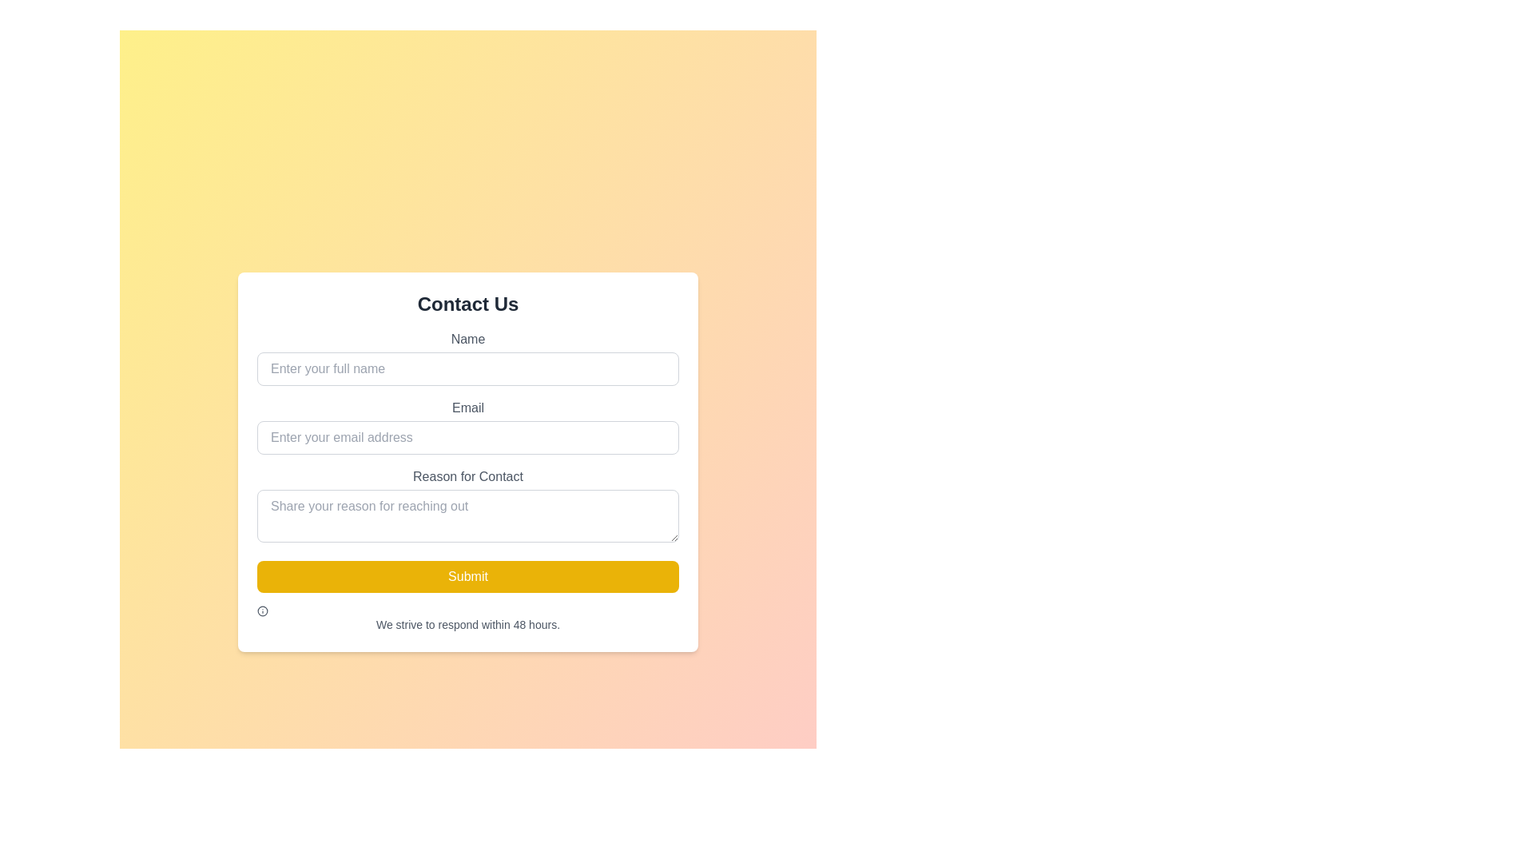  What do you see at coordinates (467, 618) in the screenshot?
I see `the informational Text label located at the bottom of the contact form, directly below the 'Submit' button` at bounding box center [467, 618].